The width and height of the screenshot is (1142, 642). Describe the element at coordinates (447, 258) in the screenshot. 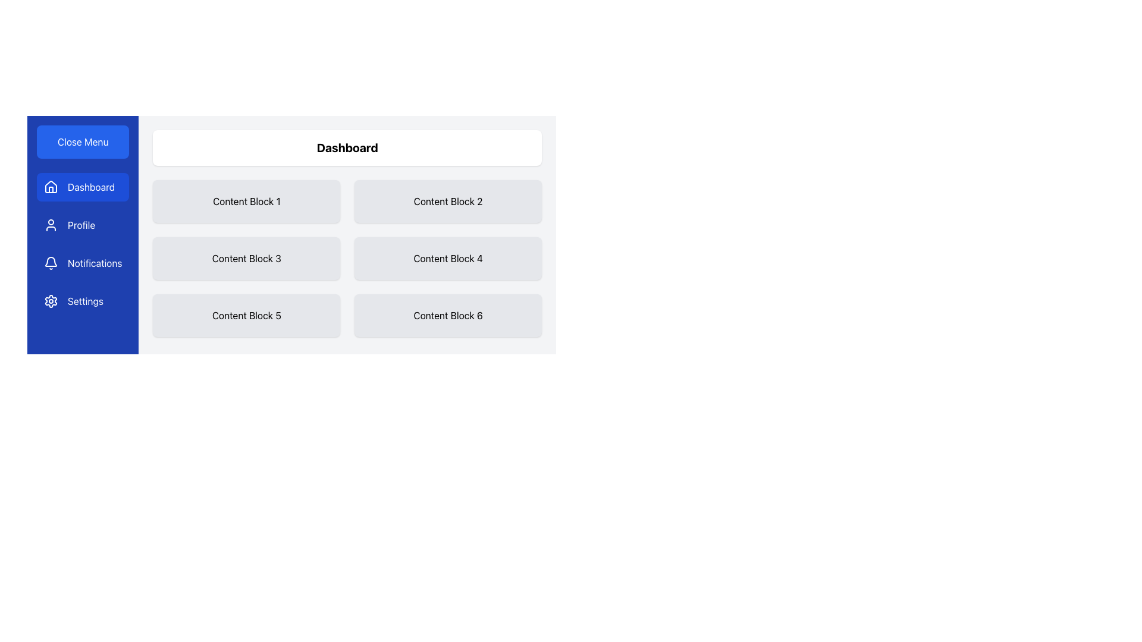

I see `the Content Block 4 element, which is a rectangular card with rounded corners and a gray background, displaying the text 'Content Block 4' in black at its center` at that location.